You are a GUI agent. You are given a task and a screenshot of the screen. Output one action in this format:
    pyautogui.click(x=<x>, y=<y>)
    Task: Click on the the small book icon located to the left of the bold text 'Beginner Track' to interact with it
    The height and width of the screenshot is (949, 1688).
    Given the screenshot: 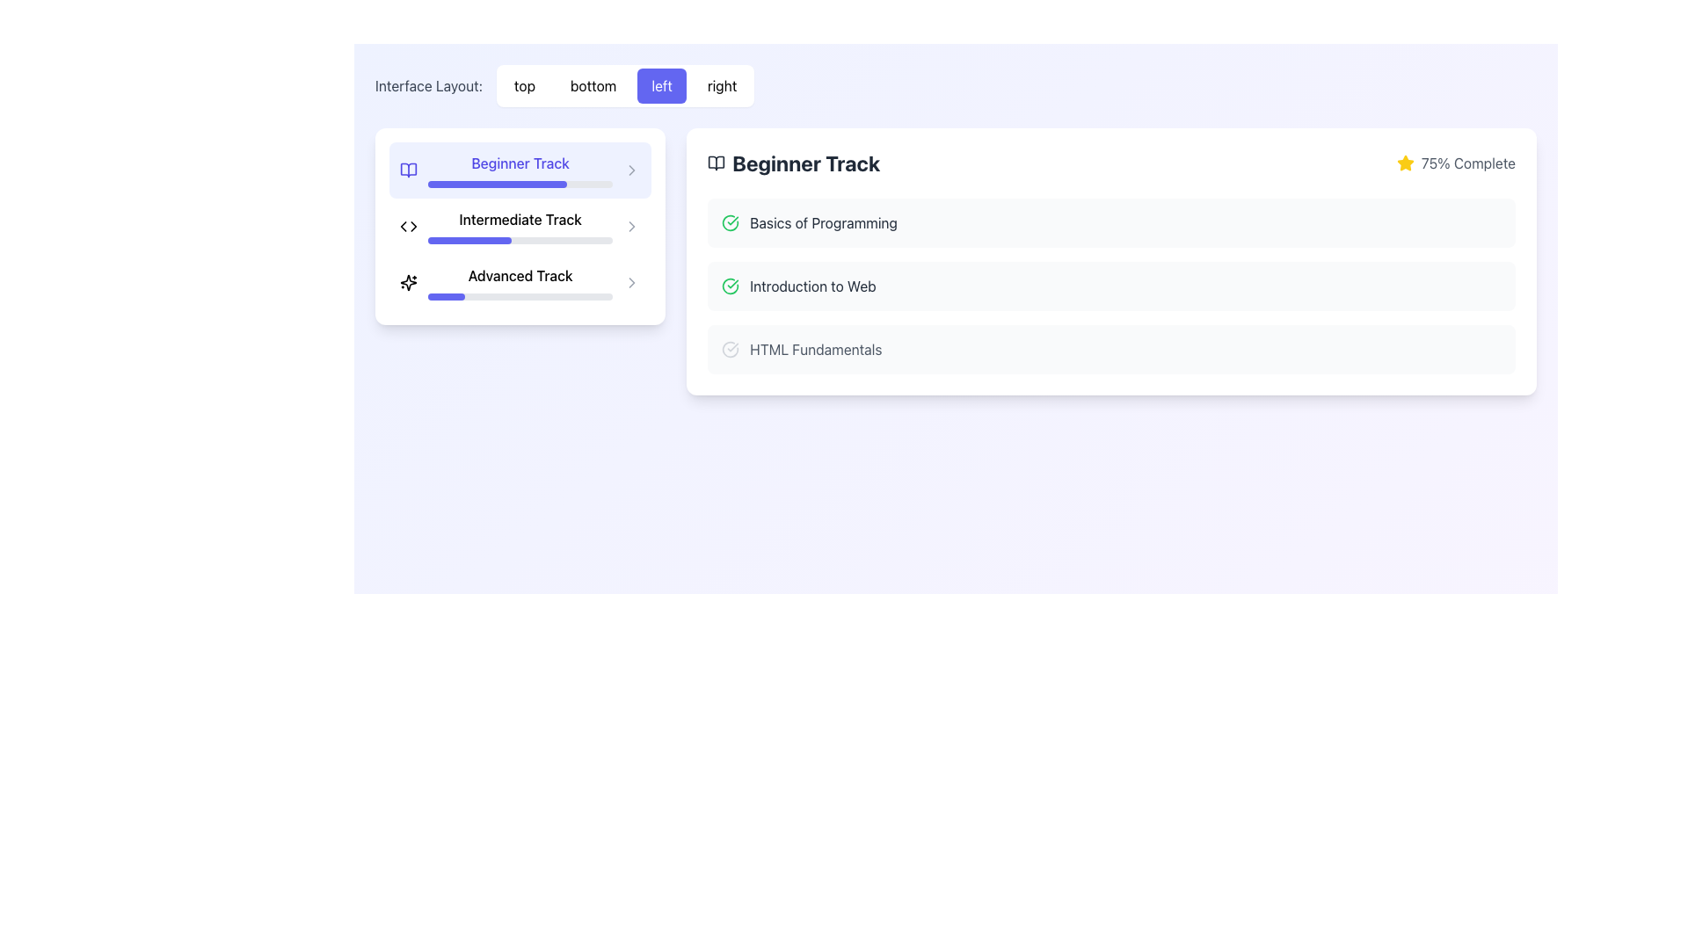 What is the action you would take?
    pyautogui.click(x=408, y=170)
    